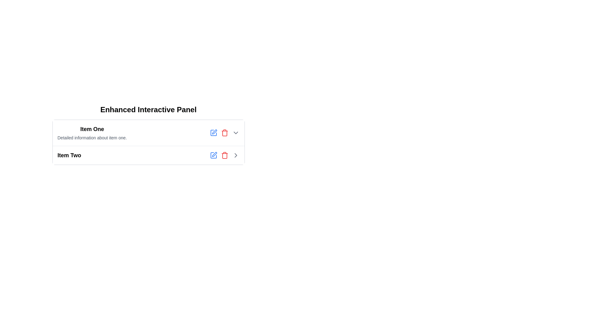  I want to click on the rightward-pointing chevron icon located at the end of the row labeled 'Item One', so click(235, 155).